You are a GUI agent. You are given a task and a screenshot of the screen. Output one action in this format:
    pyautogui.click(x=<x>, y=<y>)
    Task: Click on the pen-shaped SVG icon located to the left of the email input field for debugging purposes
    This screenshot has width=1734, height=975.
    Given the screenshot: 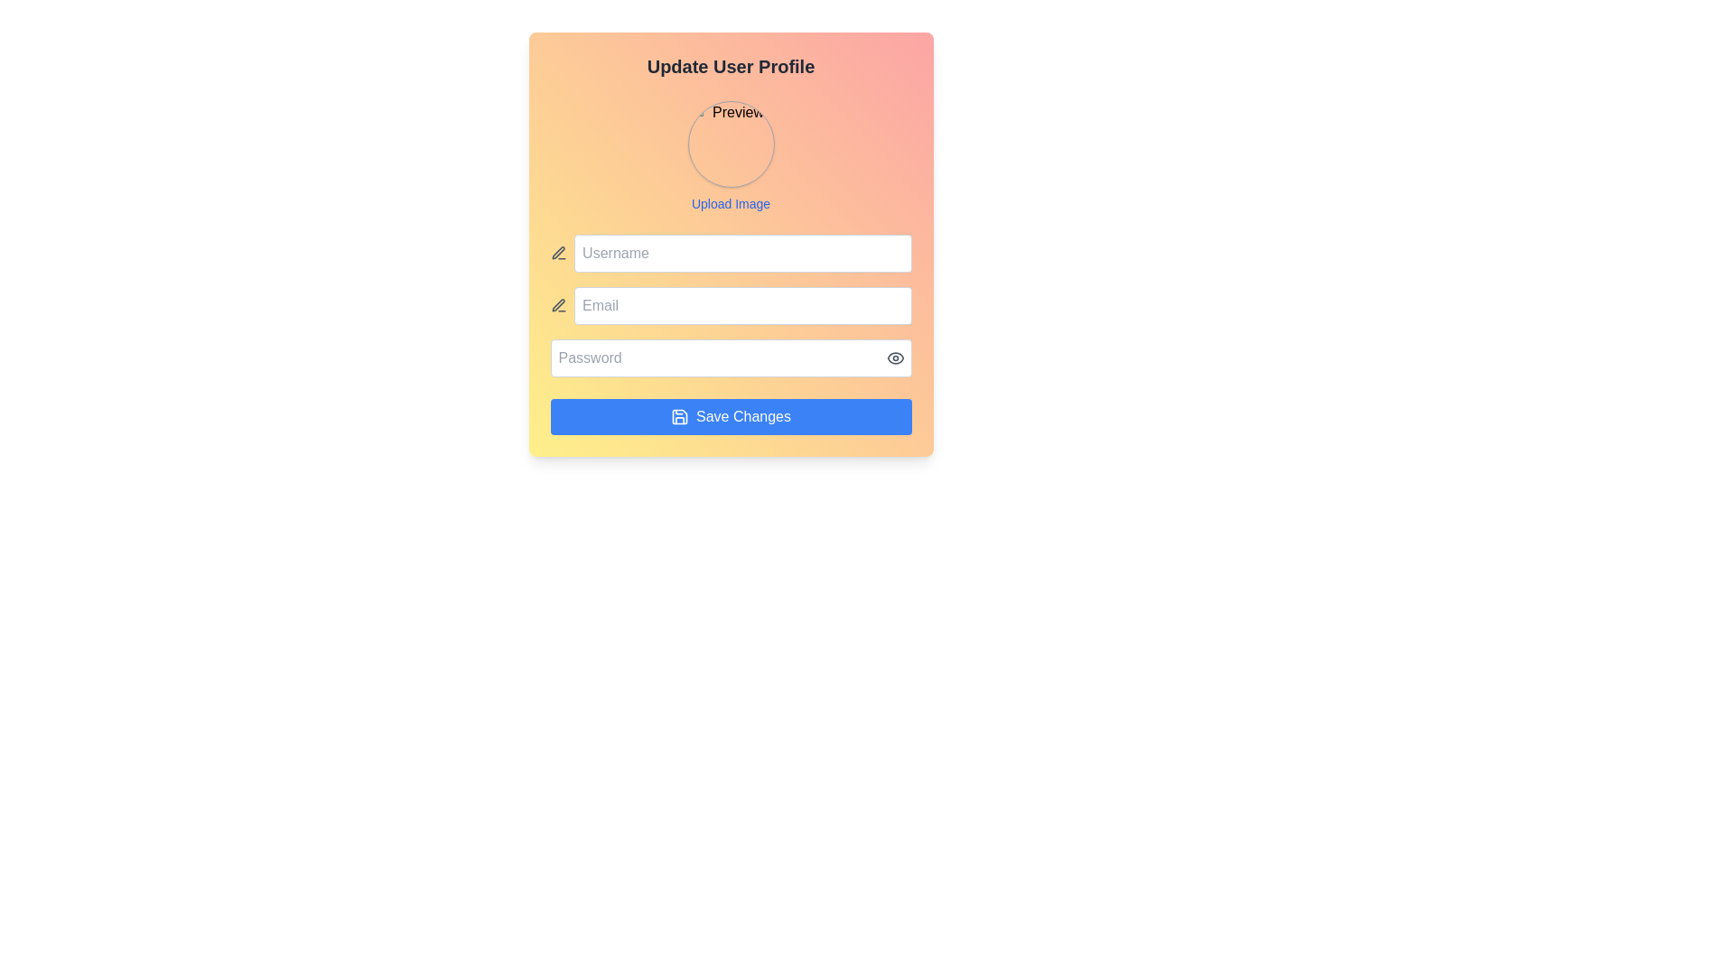 What is the action you would take?
    pyautogui.click(x=557, y=304)
    